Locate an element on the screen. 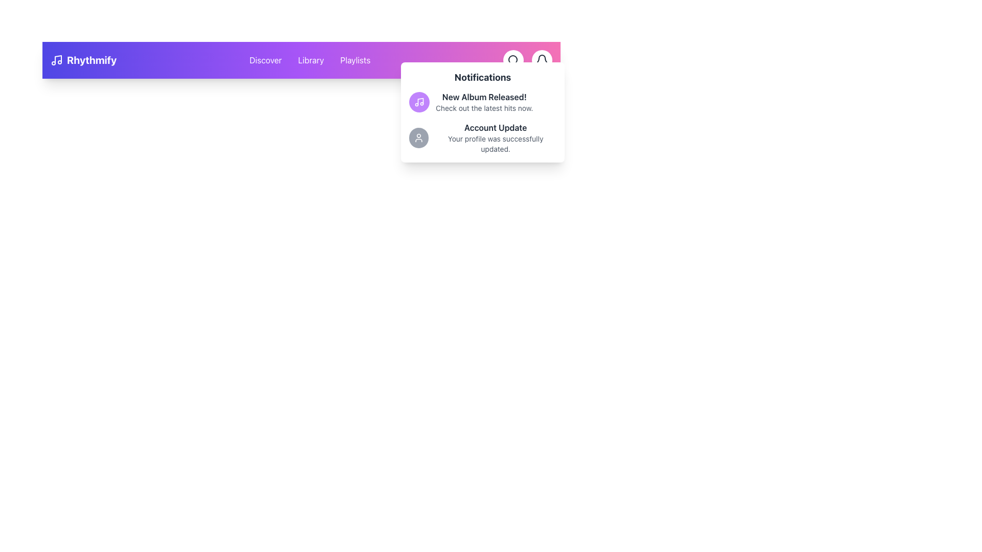 Image resolution: width=982 pixels, height=552 pixels. the presence of the upper curved portion of the notification bell icon located in the rightmost section of the application's header bar is located at coordinates (542, 59).